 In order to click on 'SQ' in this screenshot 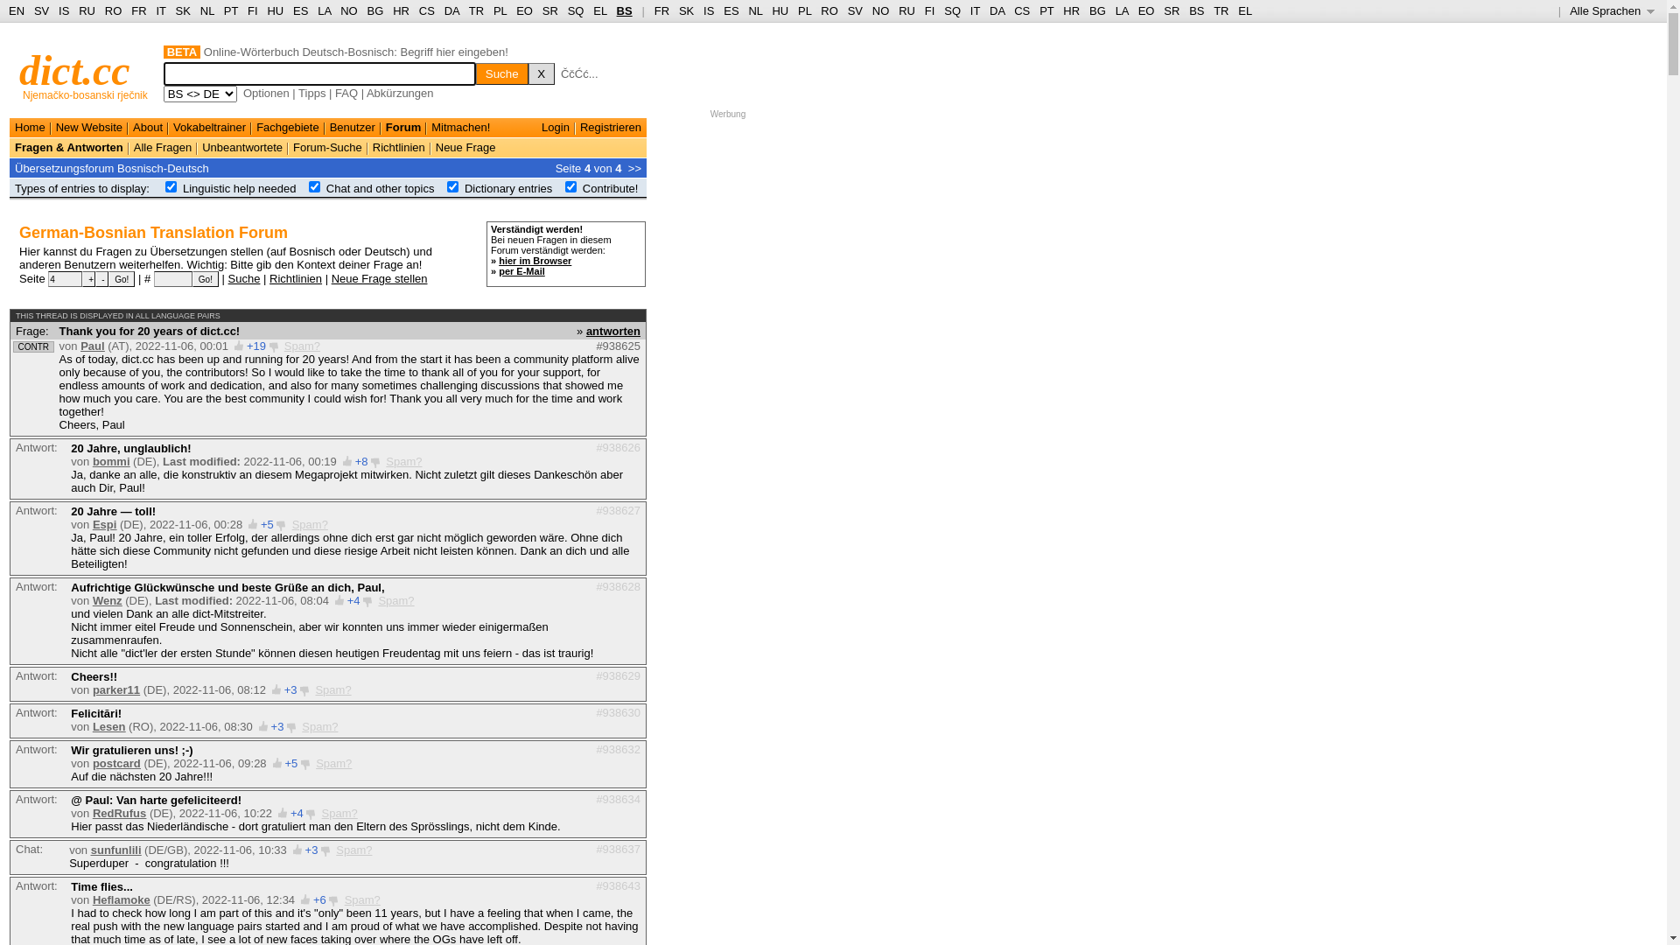, I will do `click(576, 10)`.